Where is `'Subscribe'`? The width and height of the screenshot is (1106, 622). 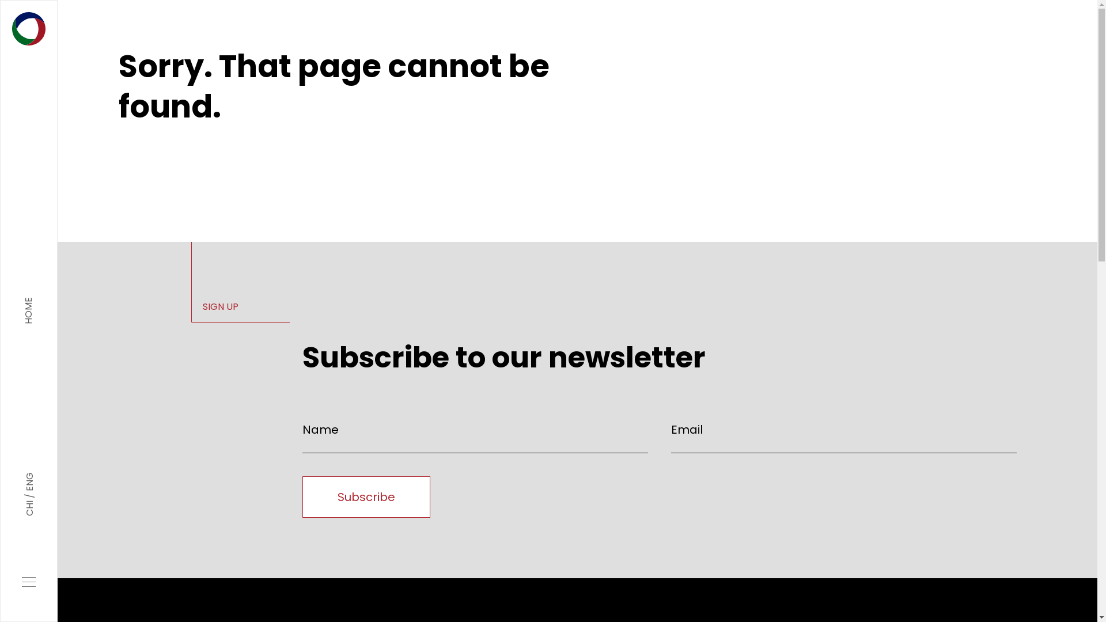
'Subscribe' is located at coordinates (302, 496).